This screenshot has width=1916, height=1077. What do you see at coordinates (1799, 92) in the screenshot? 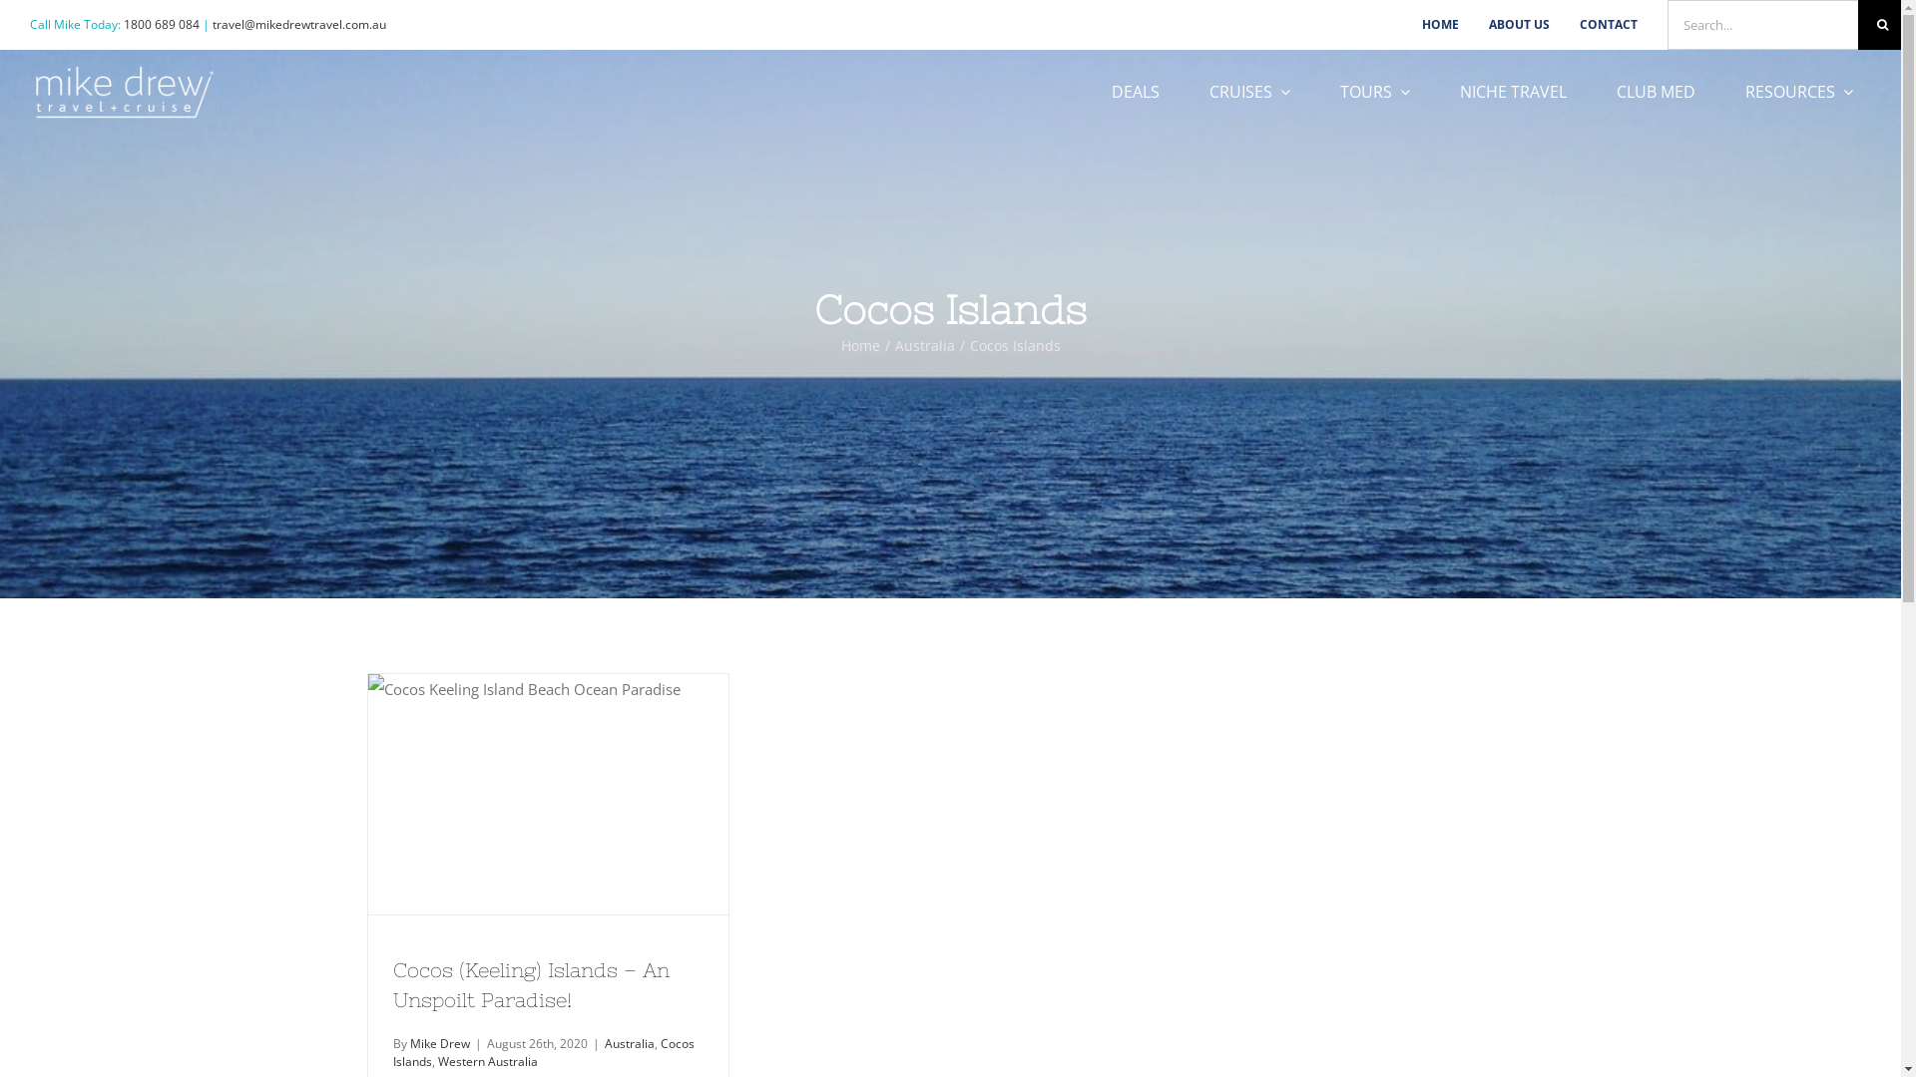
I see `'RESOURCES'` at bounding box center [1799, 92].